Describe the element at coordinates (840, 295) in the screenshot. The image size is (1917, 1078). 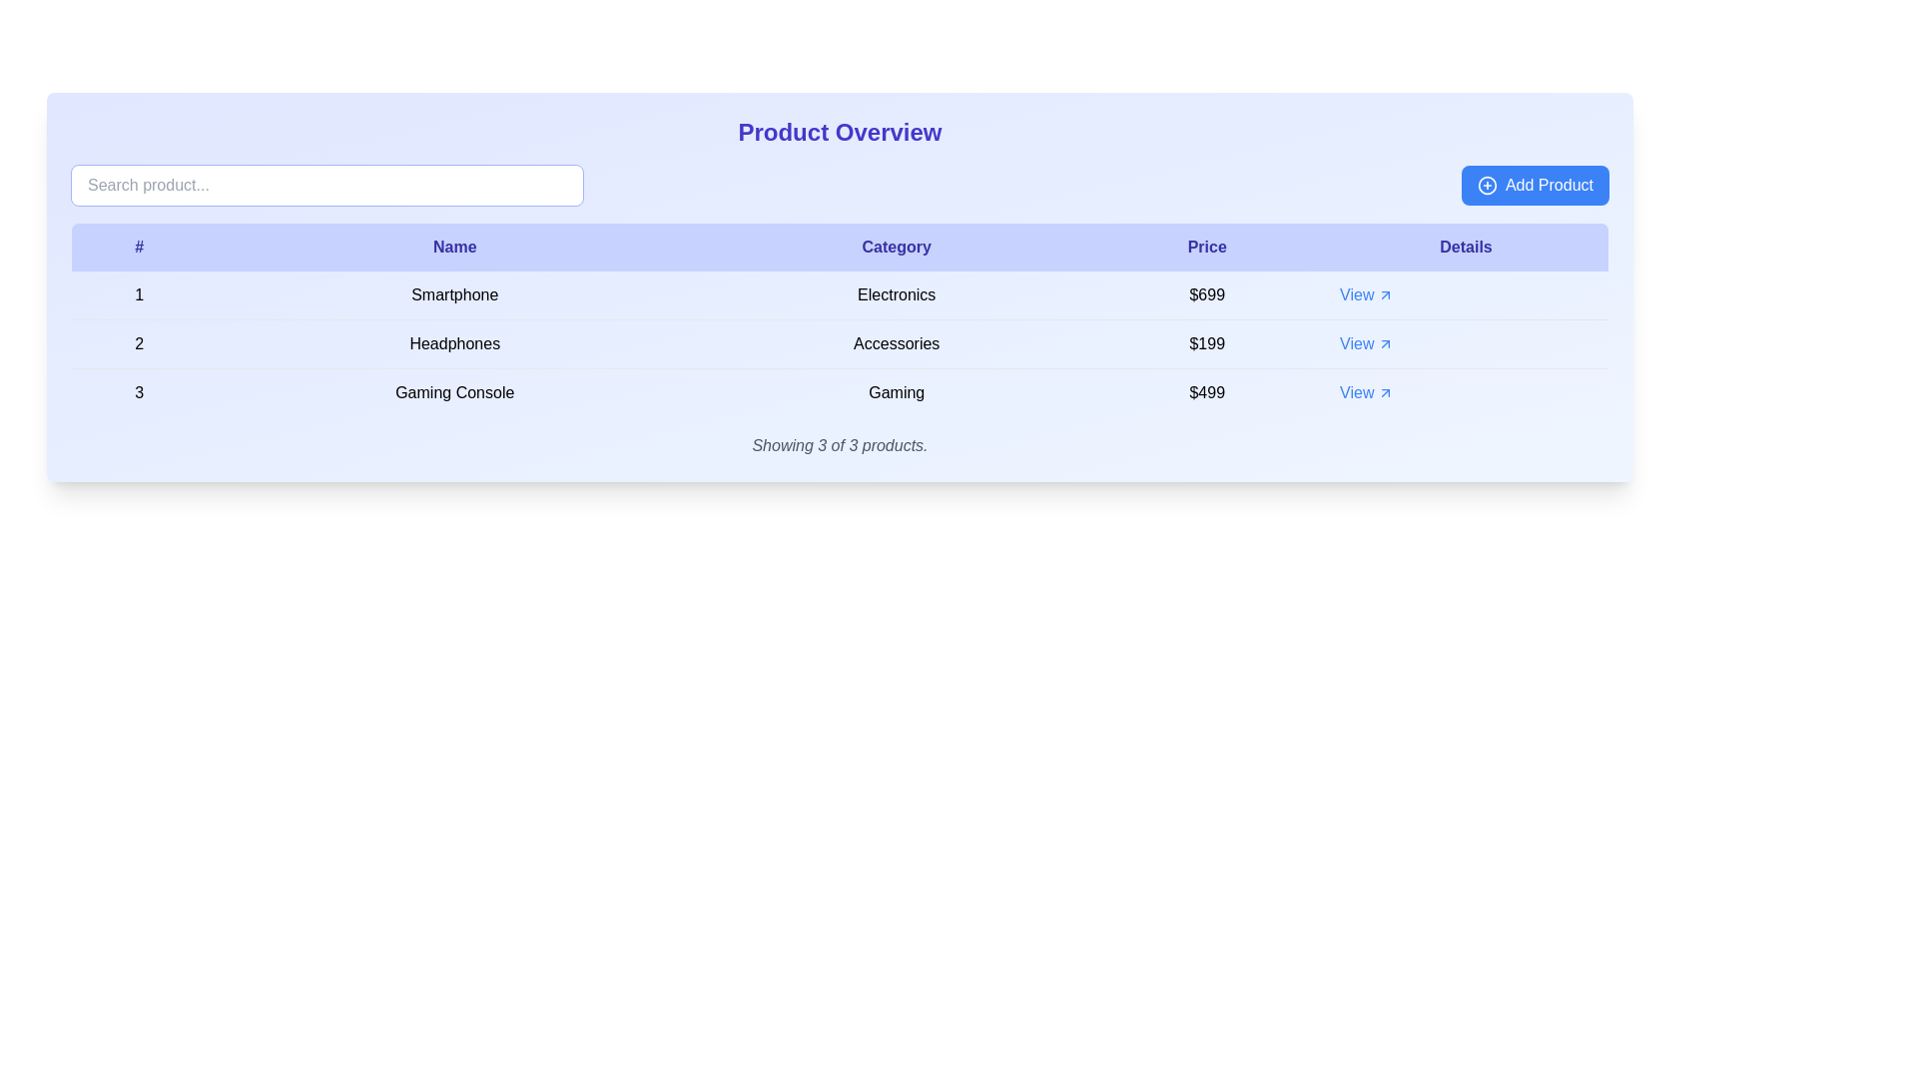
I see `the first row in the 'Product Overview' section of the tabular display, which contains the information '1' under '#', 'Smartphone' under 'Name', 'Electronics' under 'Category', '$699' under 'Price', and a blue hyperlink labeled 'View' under 'Details'` at that location.